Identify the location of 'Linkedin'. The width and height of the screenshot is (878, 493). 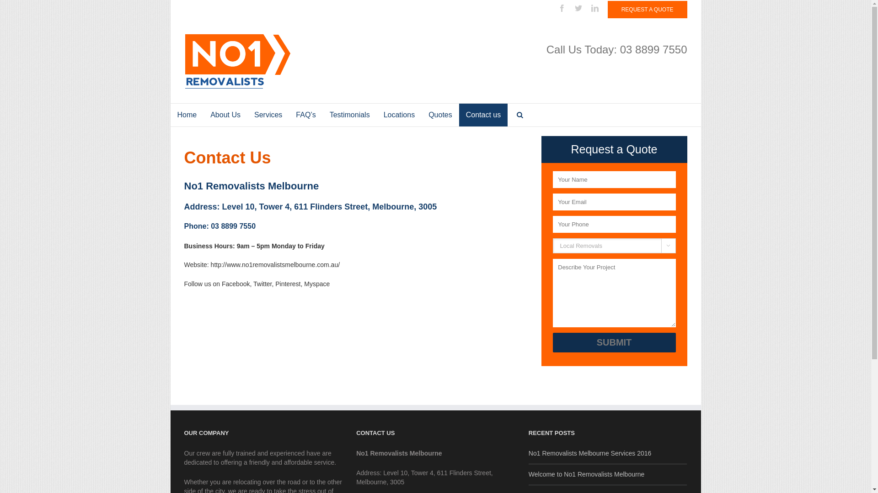
(591, 8).